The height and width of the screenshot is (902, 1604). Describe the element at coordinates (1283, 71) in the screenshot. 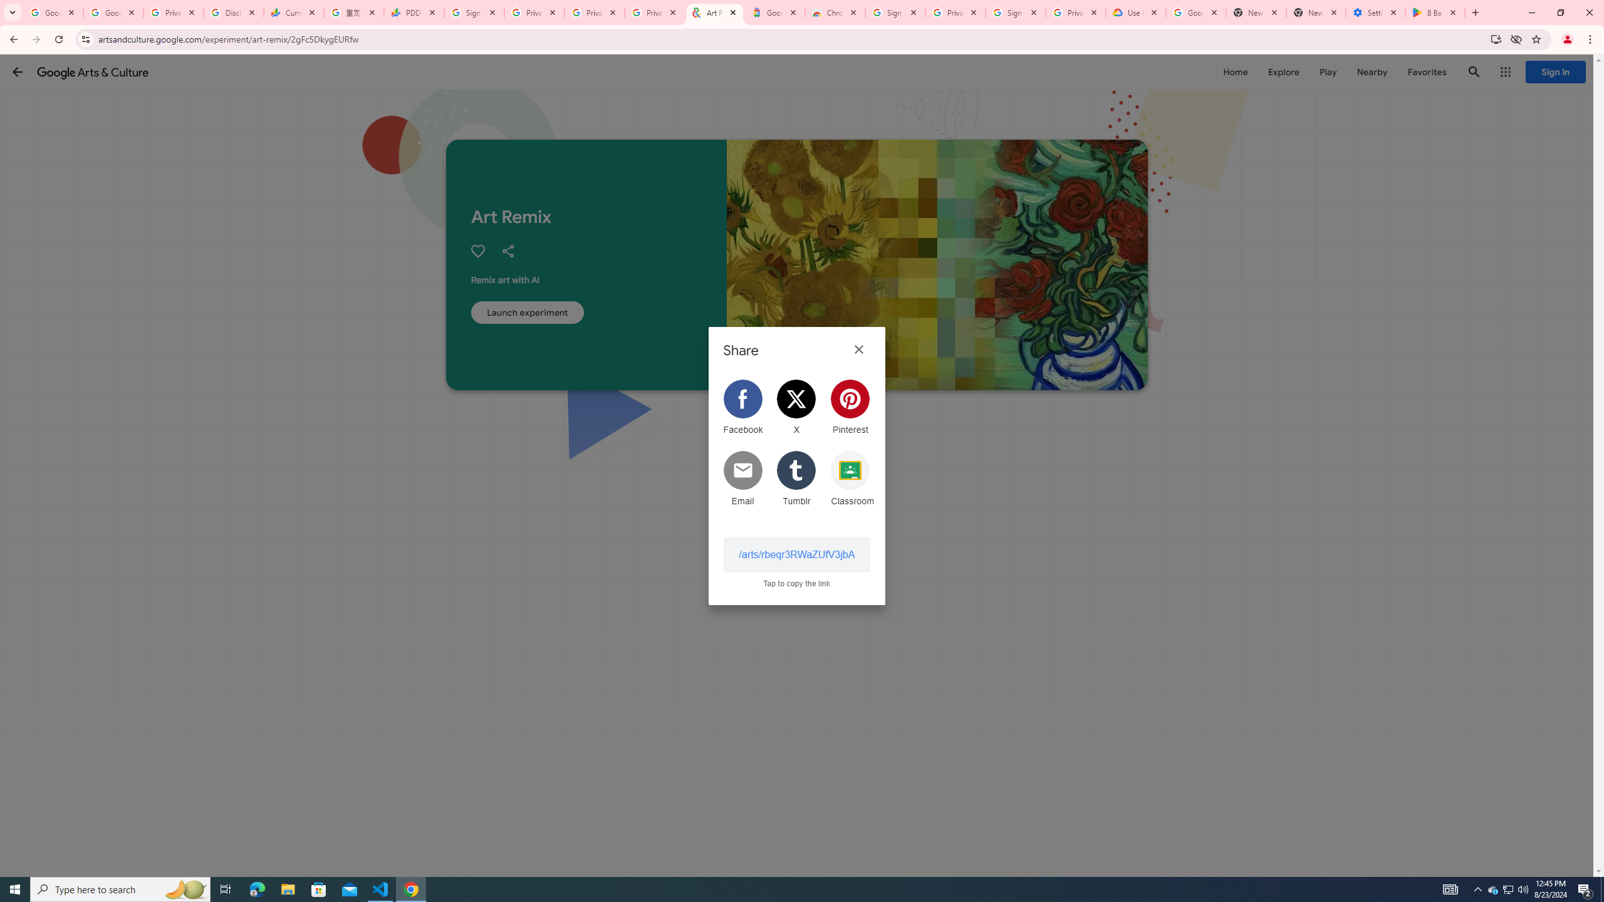

I see `'Explore'` at that location.